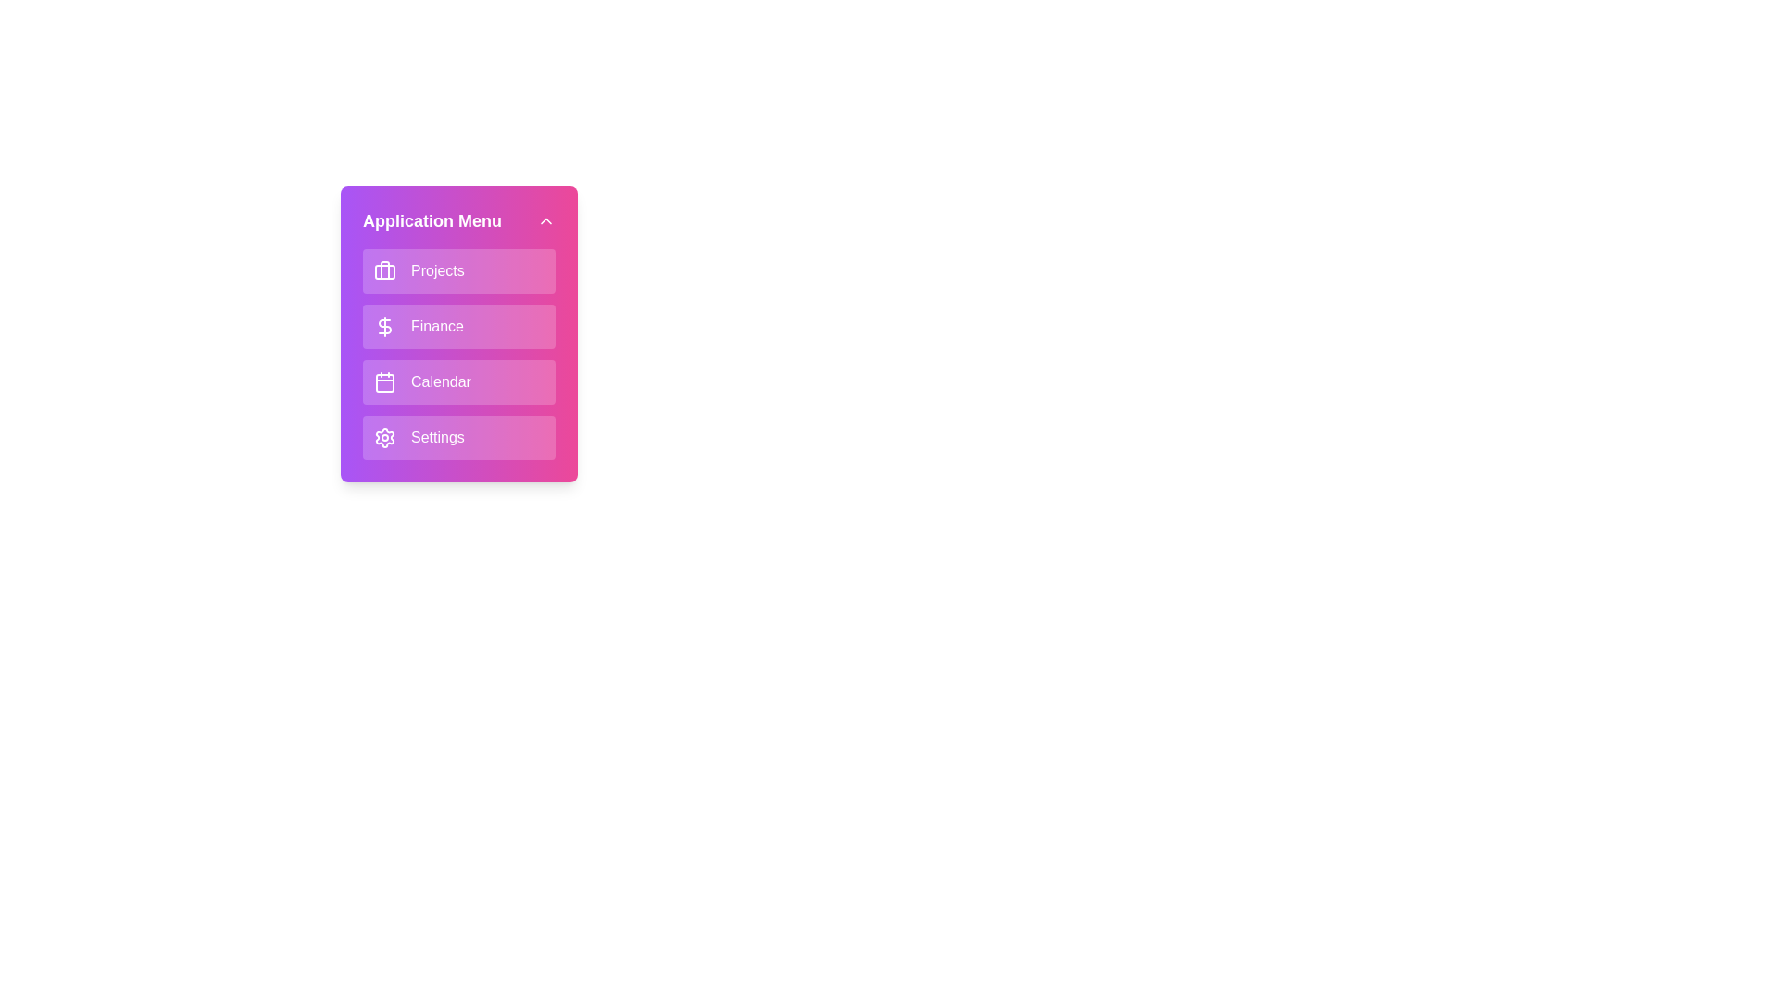  What do you see at coordinates (458, 326) in the screenshot?
I see `the menu item Finance by clicking on it` at bounding box center [458, 326].